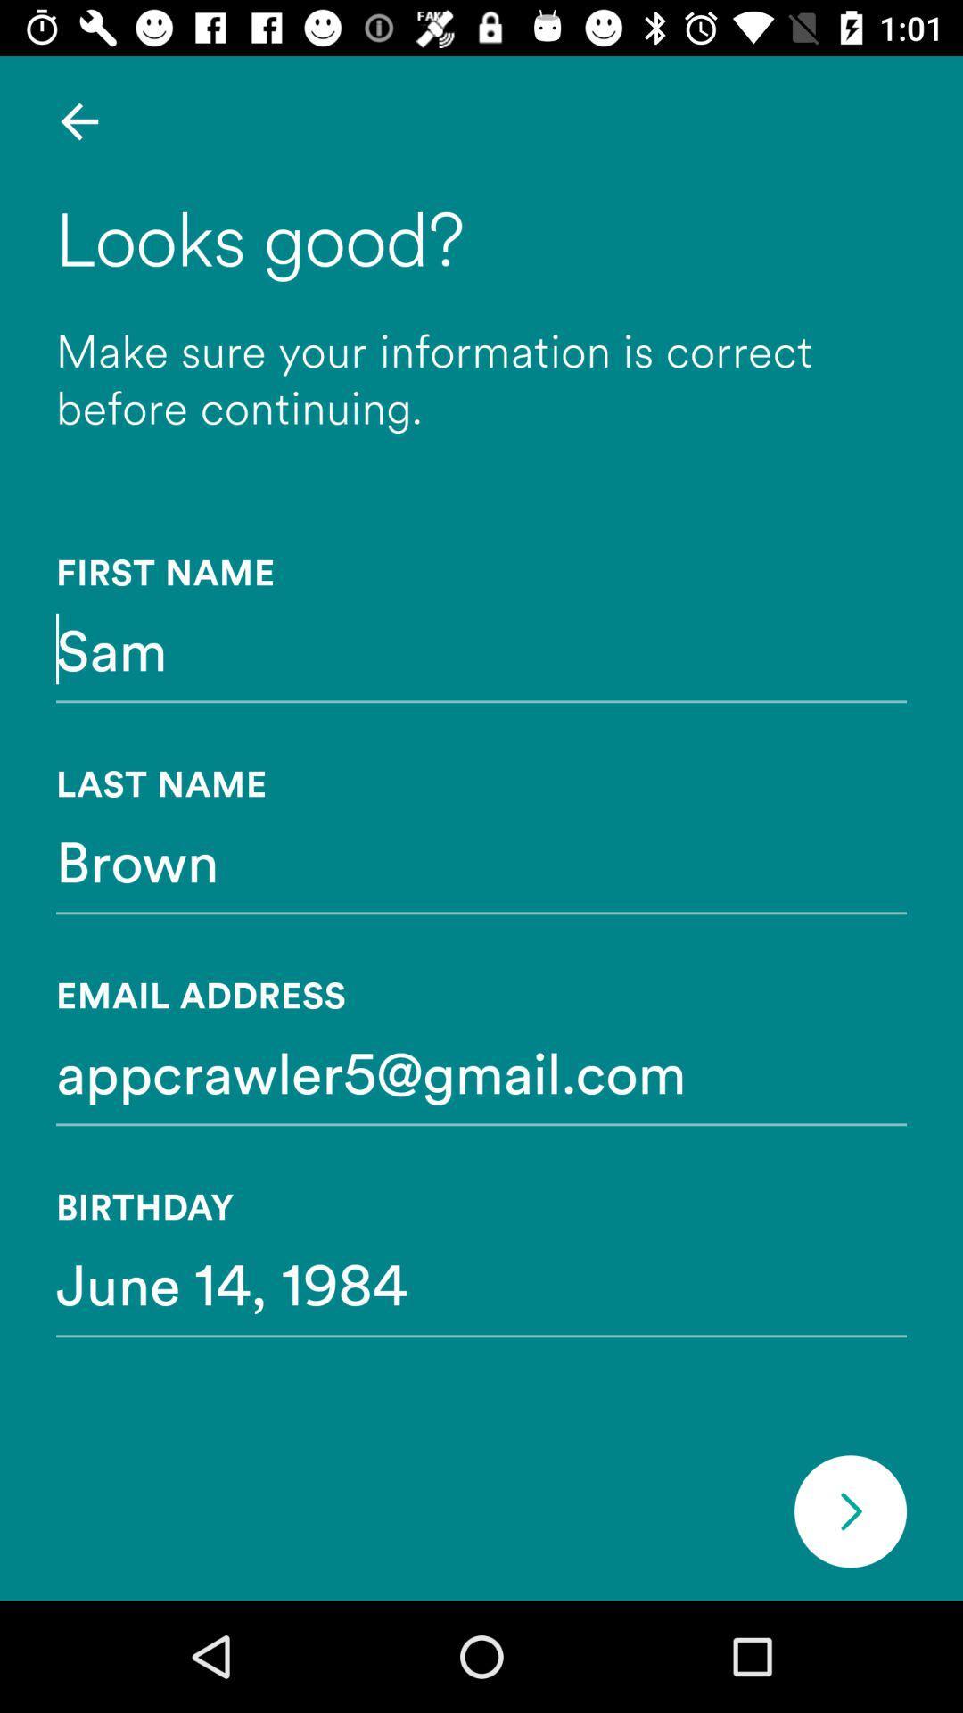  I want to click on icon above birthday item, so click(481, 1071).